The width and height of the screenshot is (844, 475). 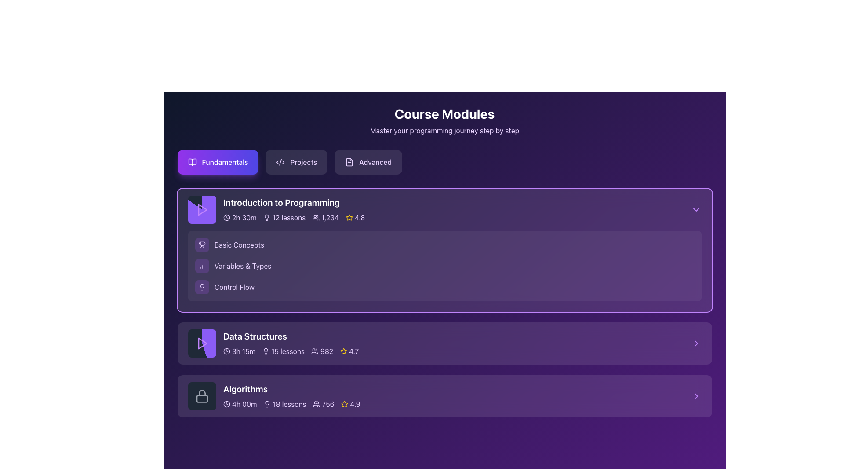 I want to click on the 'Variables & Types' icon button located to the left of the 'Variables & Types' text in the 'Introduction to Programming' section, so click(x=201, y=266).